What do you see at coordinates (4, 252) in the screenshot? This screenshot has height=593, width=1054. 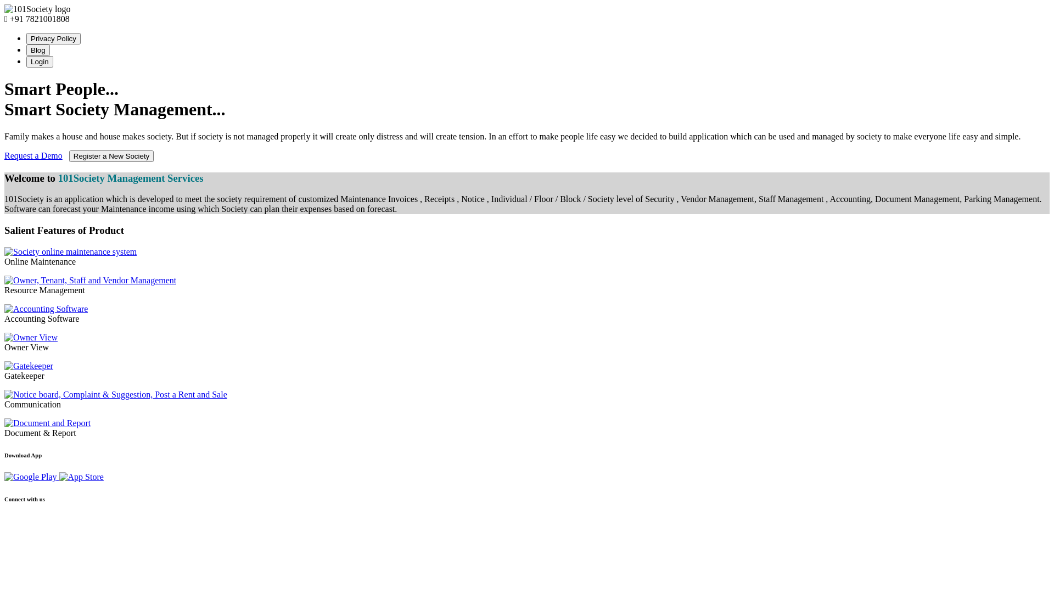 I see `'Society online maintenance software'` at bounding box center [4, 252].